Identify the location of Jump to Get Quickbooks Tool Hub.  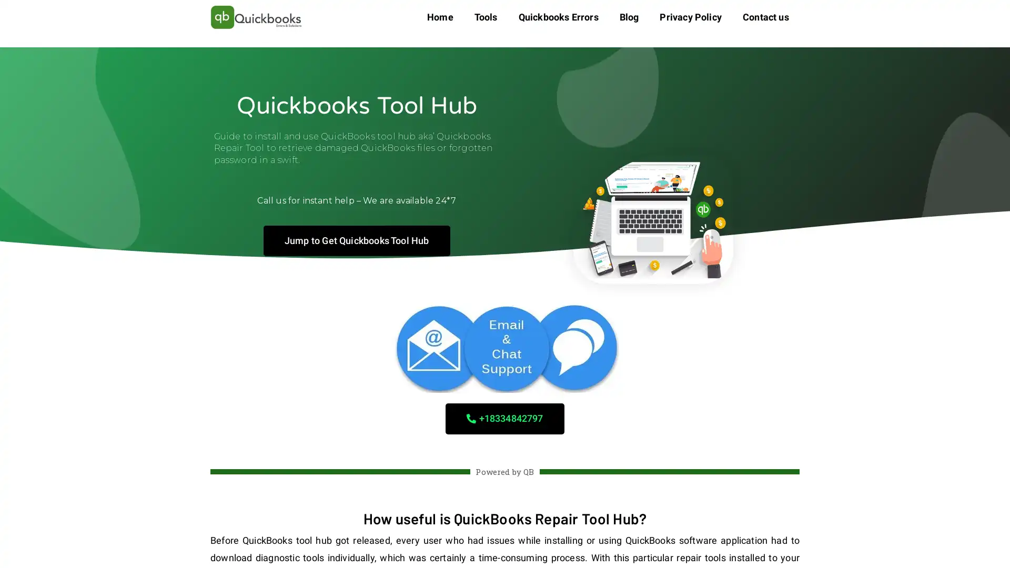
(356, 240).